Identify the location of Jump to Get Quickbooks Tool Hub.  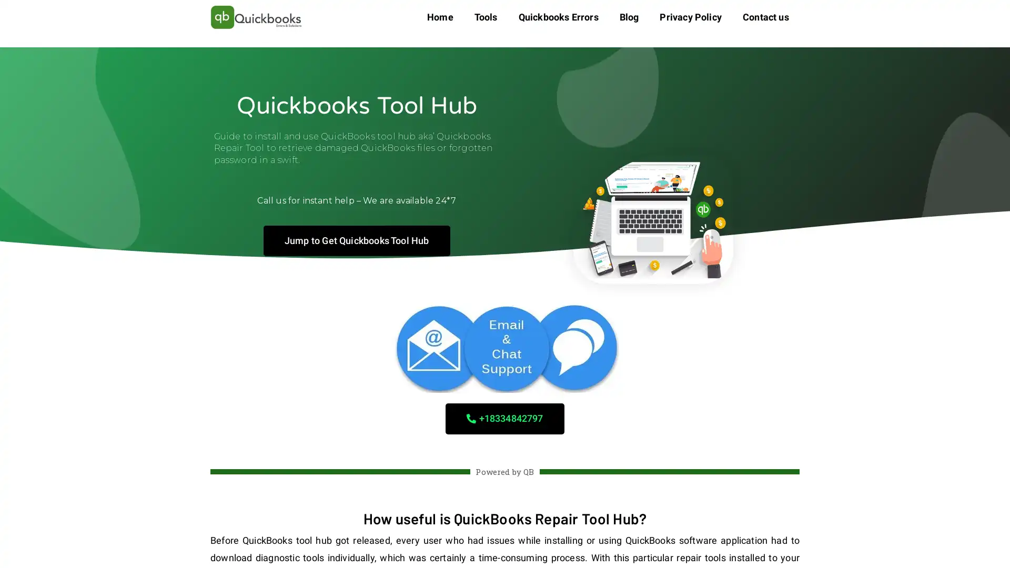
(356, 240).